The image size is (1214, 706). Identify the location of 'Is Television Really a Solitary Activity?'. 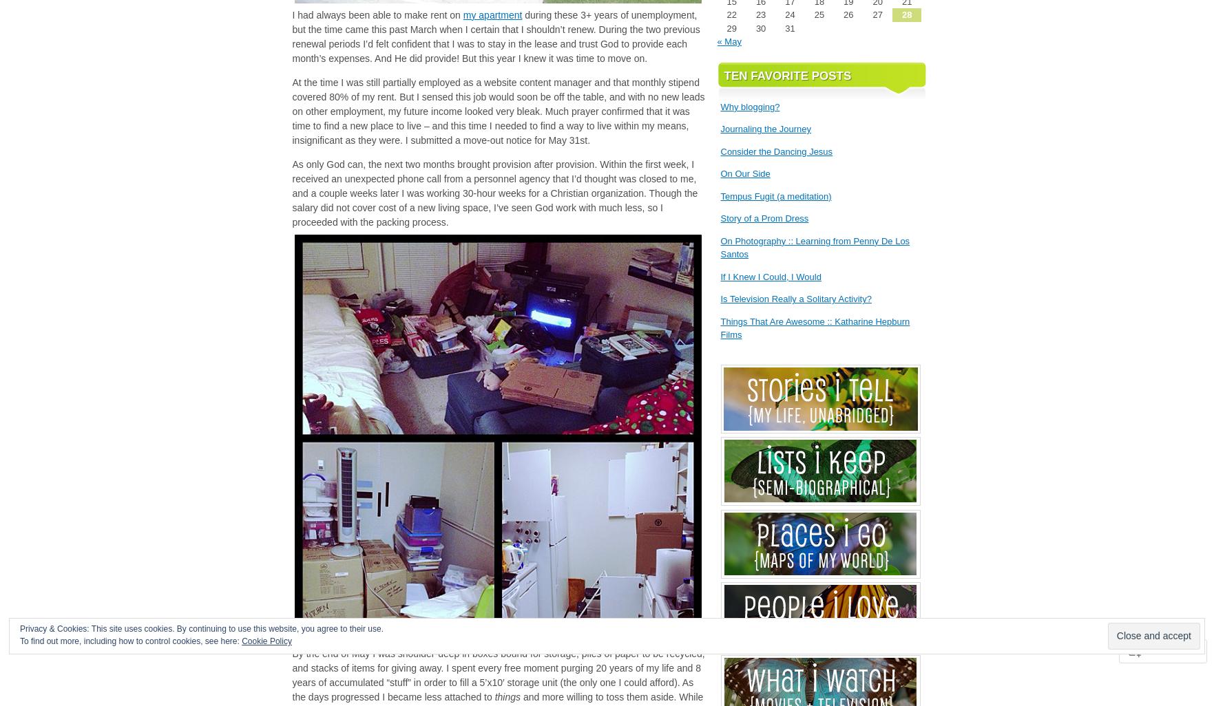
(795, 299).